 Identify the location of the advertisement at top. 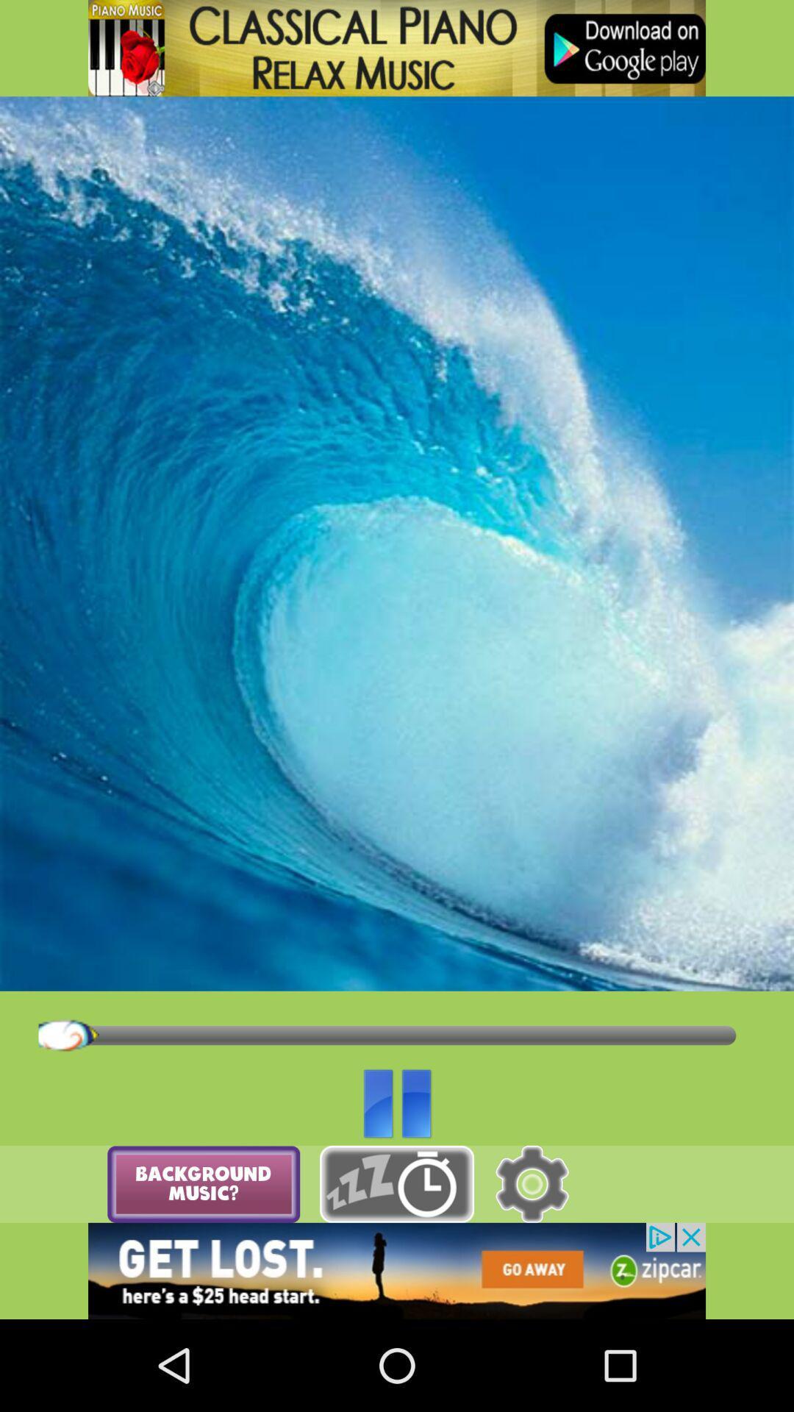
(397, 48).